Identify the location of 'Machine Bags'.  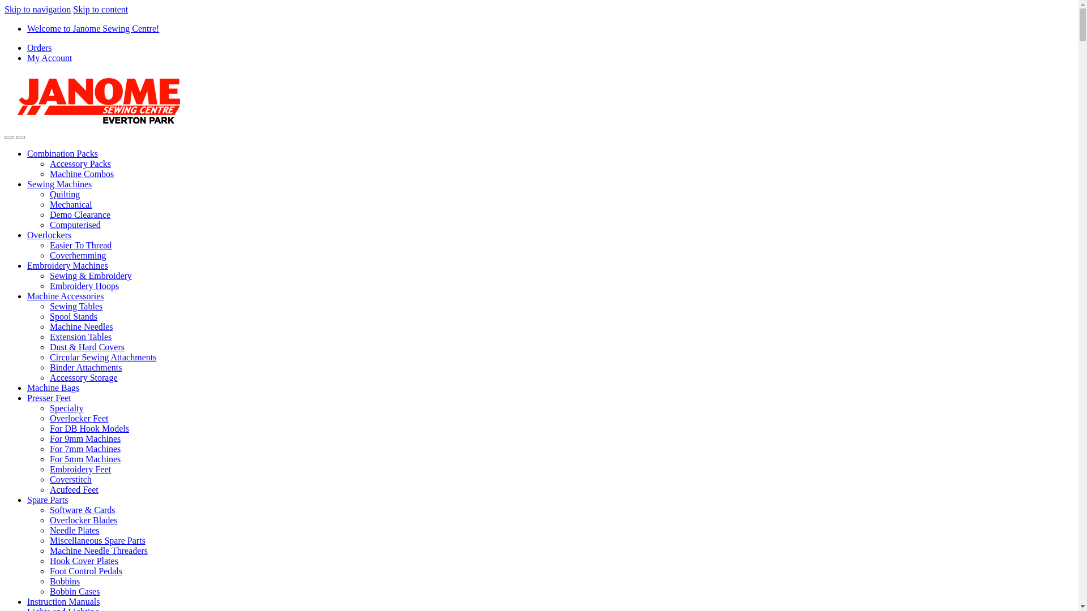
(53, 387).